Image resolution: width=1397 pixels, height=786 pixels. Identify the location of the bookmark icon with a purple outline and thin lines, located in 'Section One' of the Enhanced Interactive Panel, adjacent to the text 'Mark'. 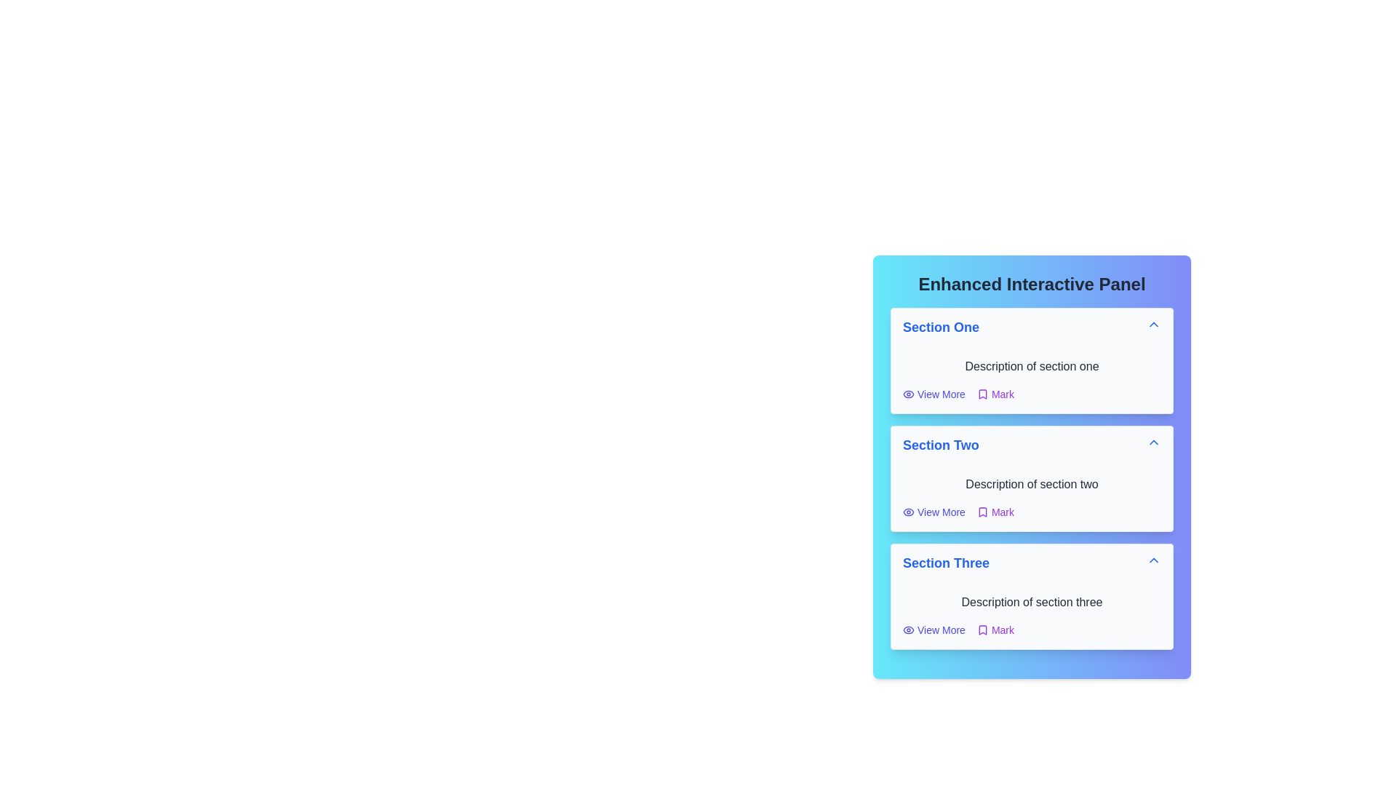
(982, 394).